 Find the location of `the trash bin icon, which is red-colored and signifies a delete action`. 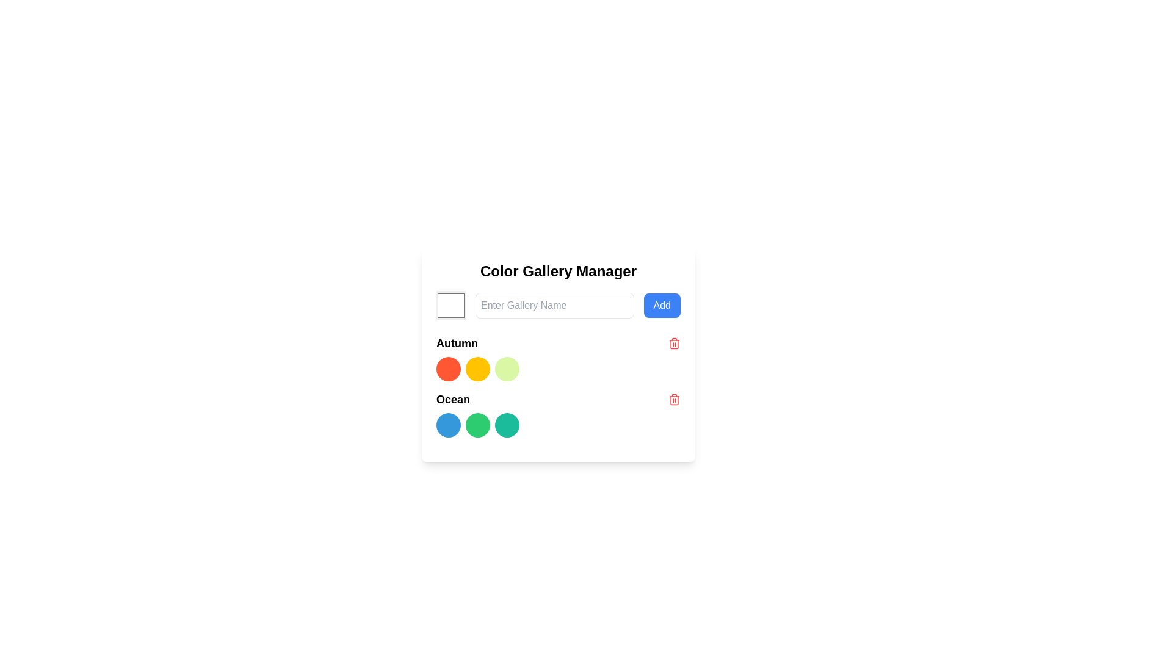

the trash bin icon, which is red-colored and signifies a delete action is located at coordinates (673, 344).